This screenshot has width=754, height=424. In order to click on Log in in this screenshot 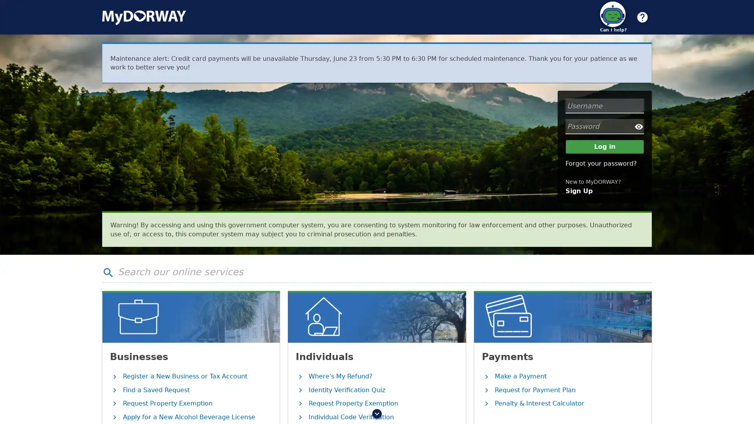, I will do `click(604, 147)`.